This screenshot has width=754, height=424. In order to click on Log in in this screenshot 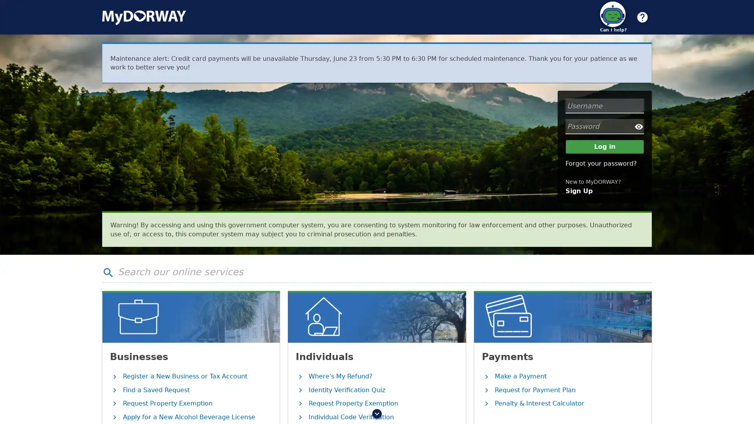, I will do `click(604, 147)`.